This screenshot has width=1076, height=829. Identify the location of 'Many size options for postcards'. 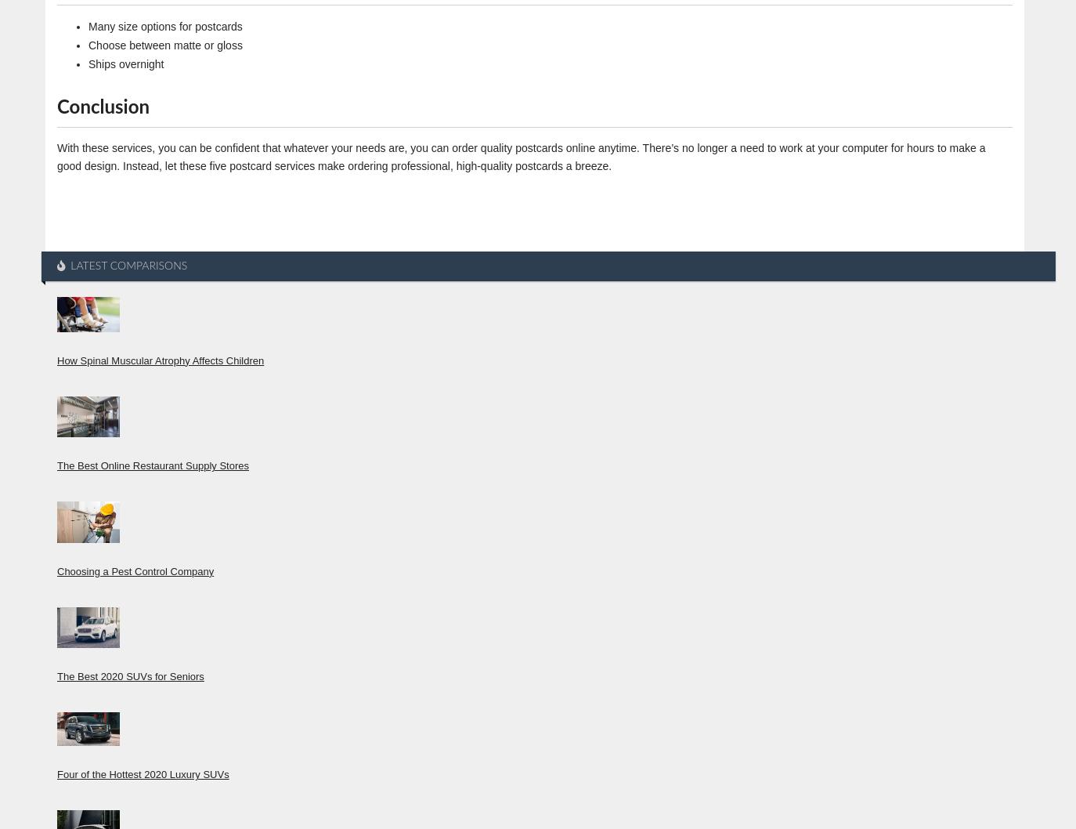
(164, 26).